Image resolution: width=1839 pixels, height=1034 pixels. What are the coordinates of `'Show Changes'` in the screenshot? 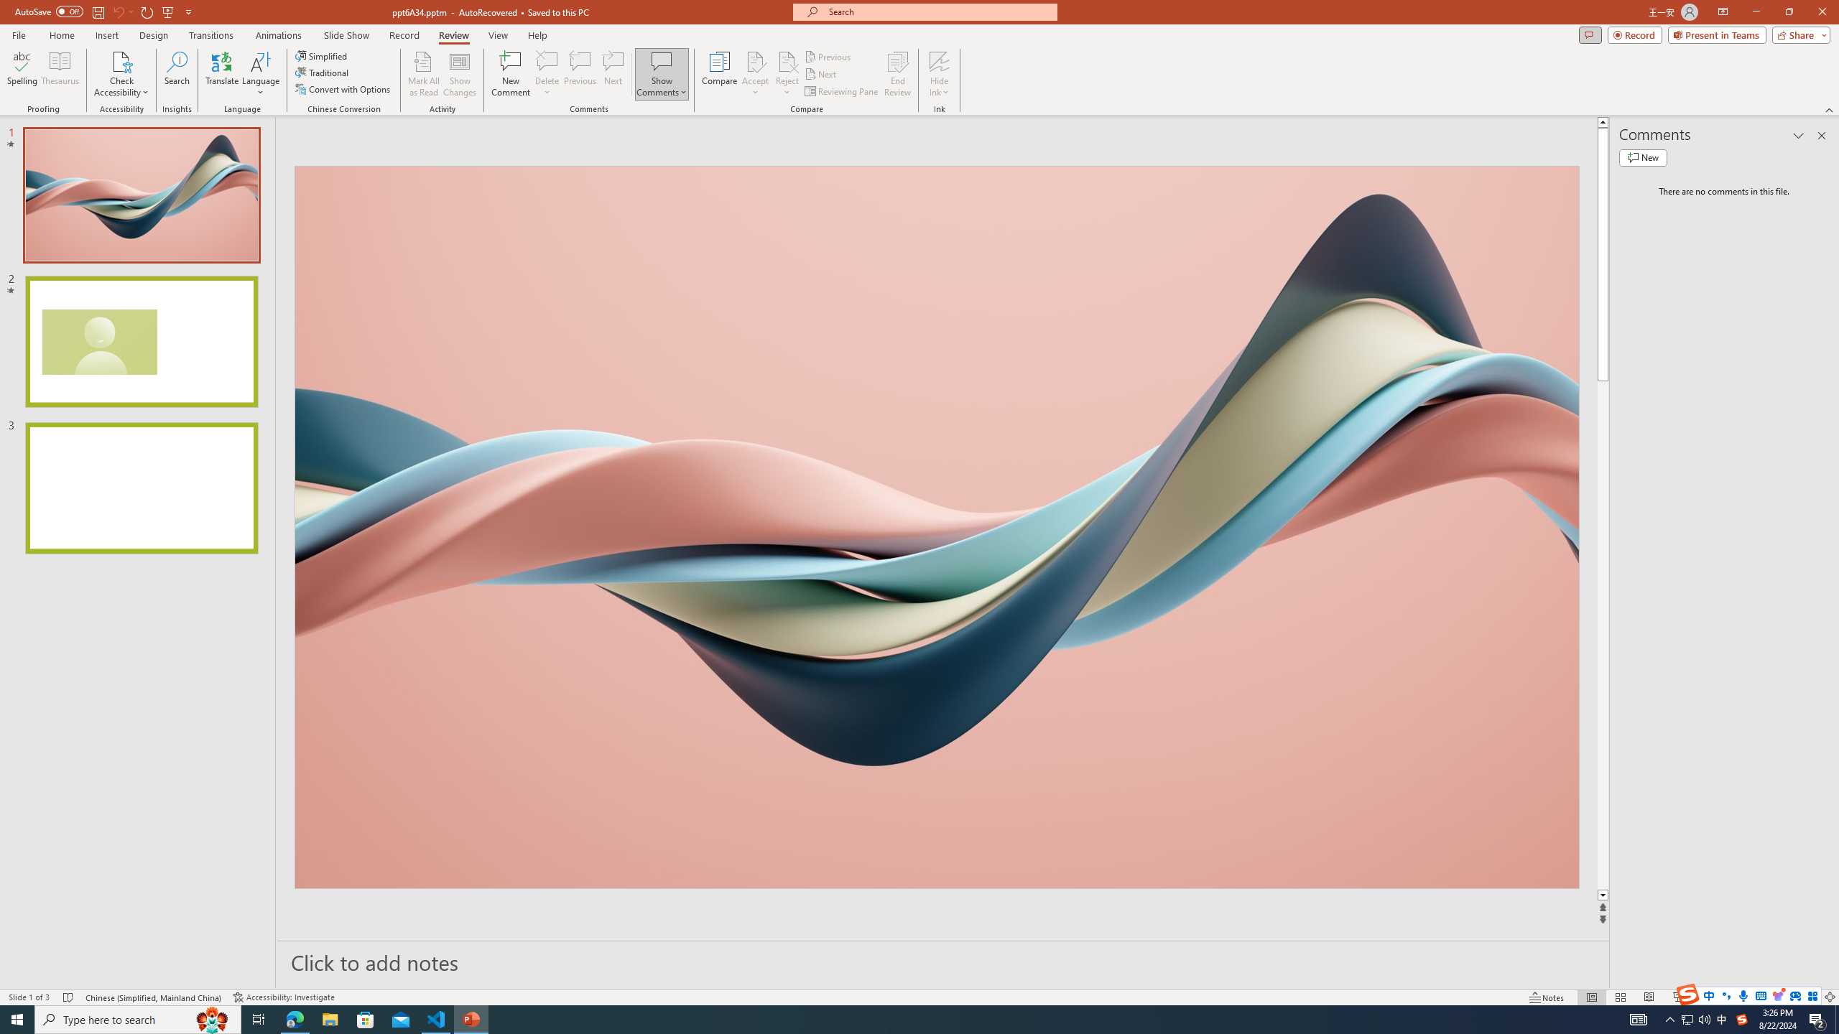 It's located at (460, 74).